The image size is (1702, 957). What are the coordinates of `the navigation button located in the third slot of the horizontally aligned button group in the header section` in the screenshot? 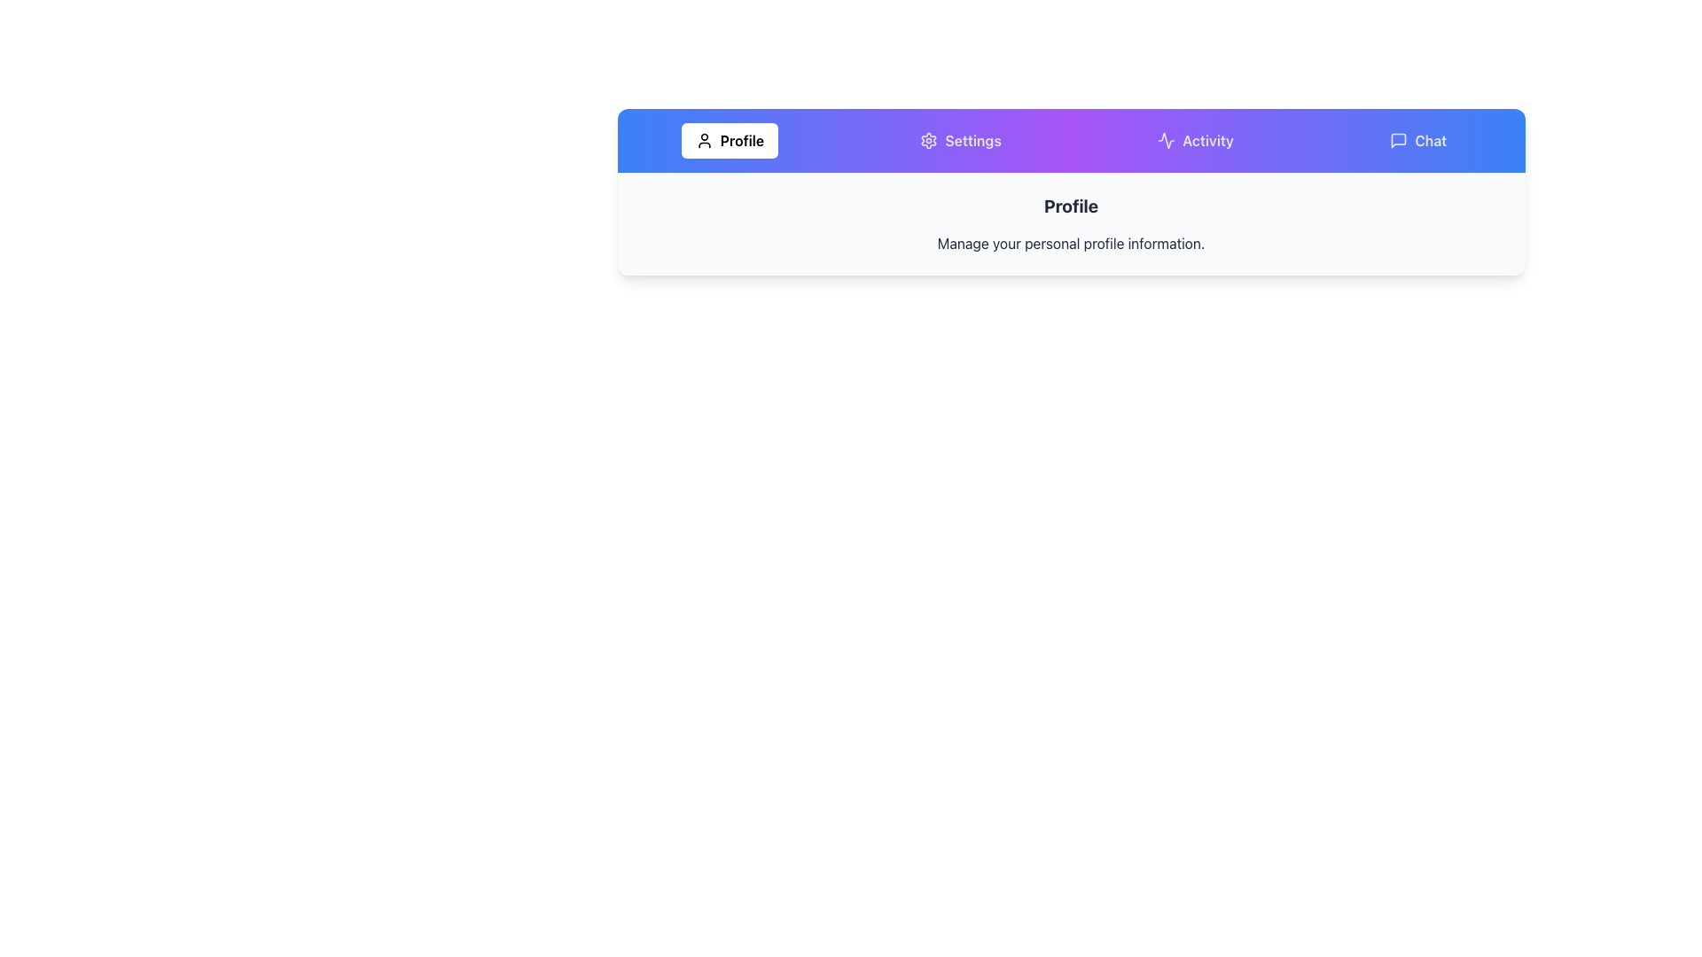 It's located at (1195, 139).